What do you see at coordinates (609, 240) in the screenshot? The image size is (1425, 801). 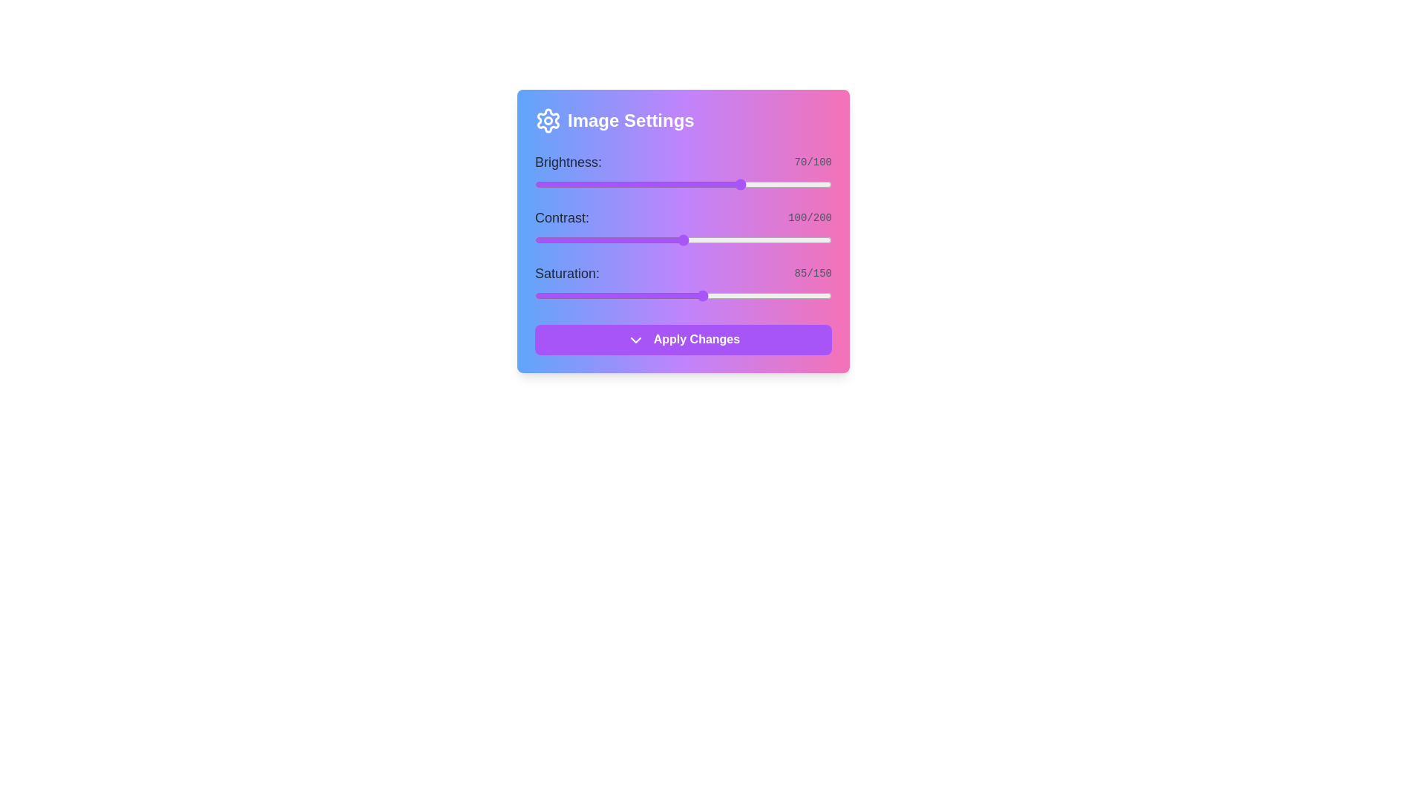 I see `the contrast slider to 50 value` at bounding box center [609, 240].